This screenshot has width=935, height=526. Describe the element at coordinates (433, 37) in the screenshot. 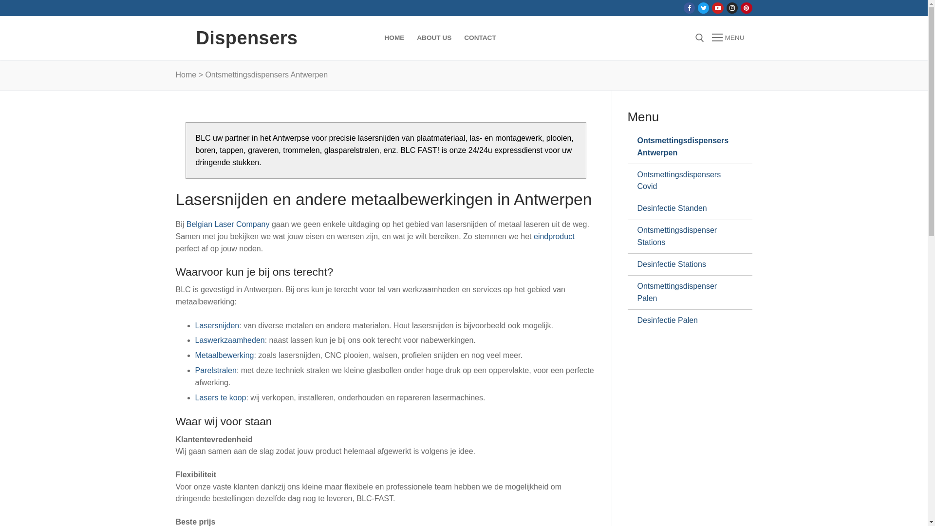

I see `'ABOUT US'` at that location.